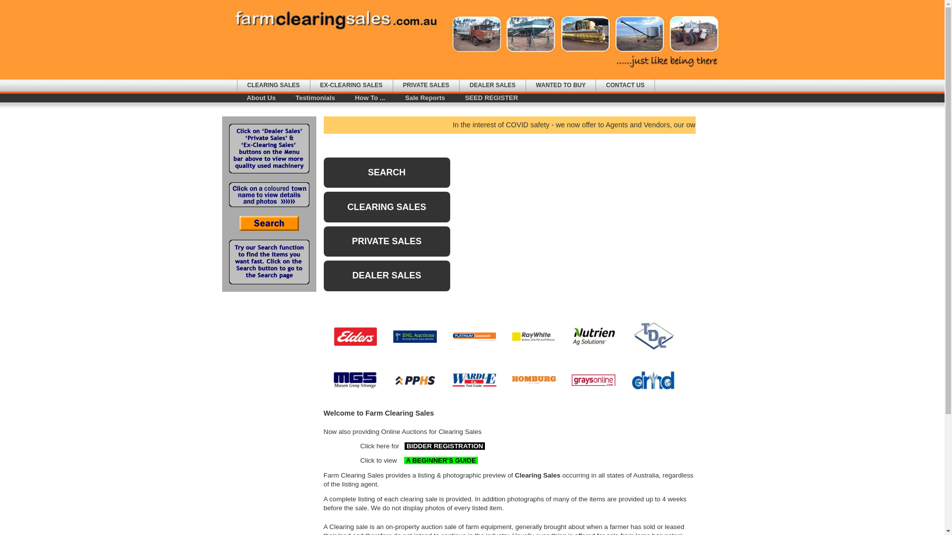 The width and height of the screenshot is (952, 535). Describe the element at coordinates (405, 446) in the screenshot. I see `'BIDDER REGISTRATION '` at that location.